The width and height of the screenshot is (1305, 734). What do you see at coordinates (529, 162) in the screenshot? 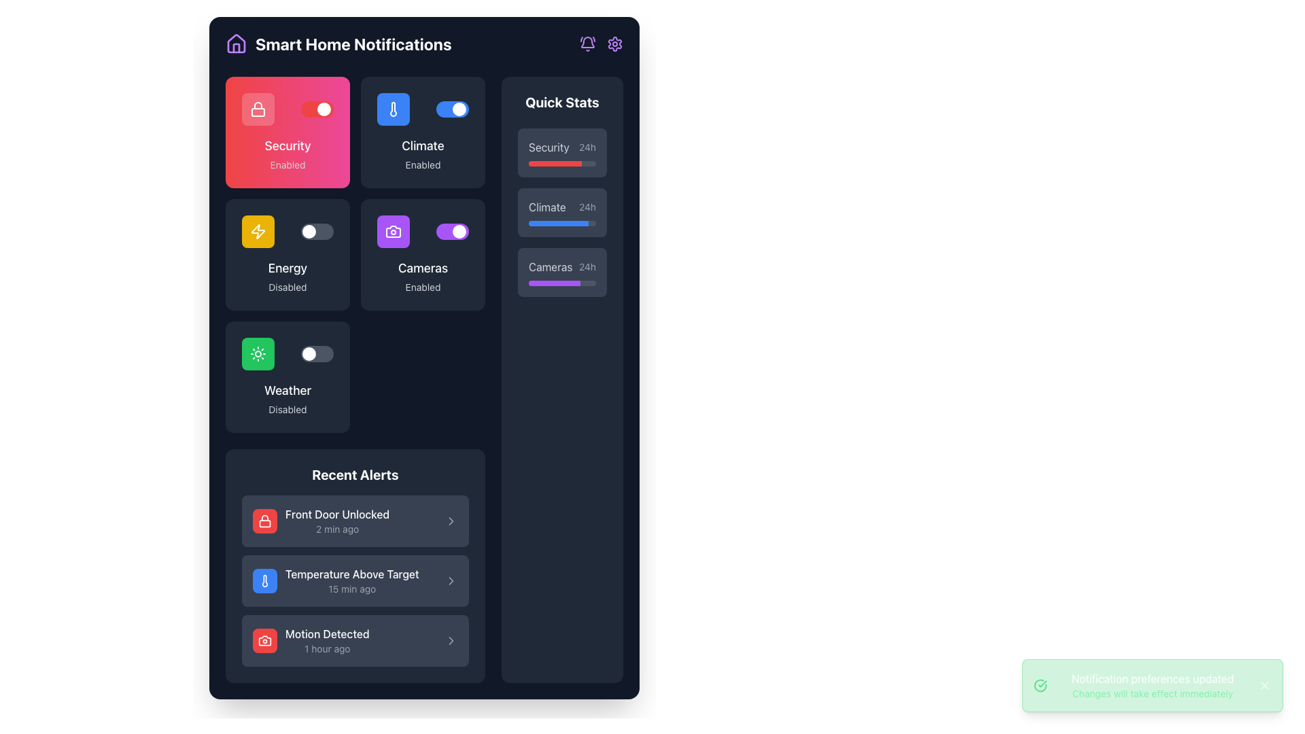
I see `security activity level` at bounding box center [529, 162].